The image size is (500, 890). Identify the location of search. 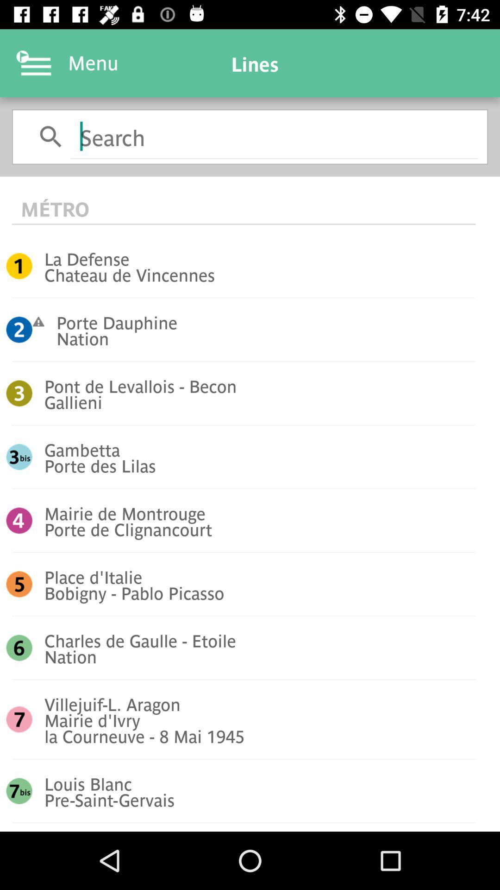
(274, 135).